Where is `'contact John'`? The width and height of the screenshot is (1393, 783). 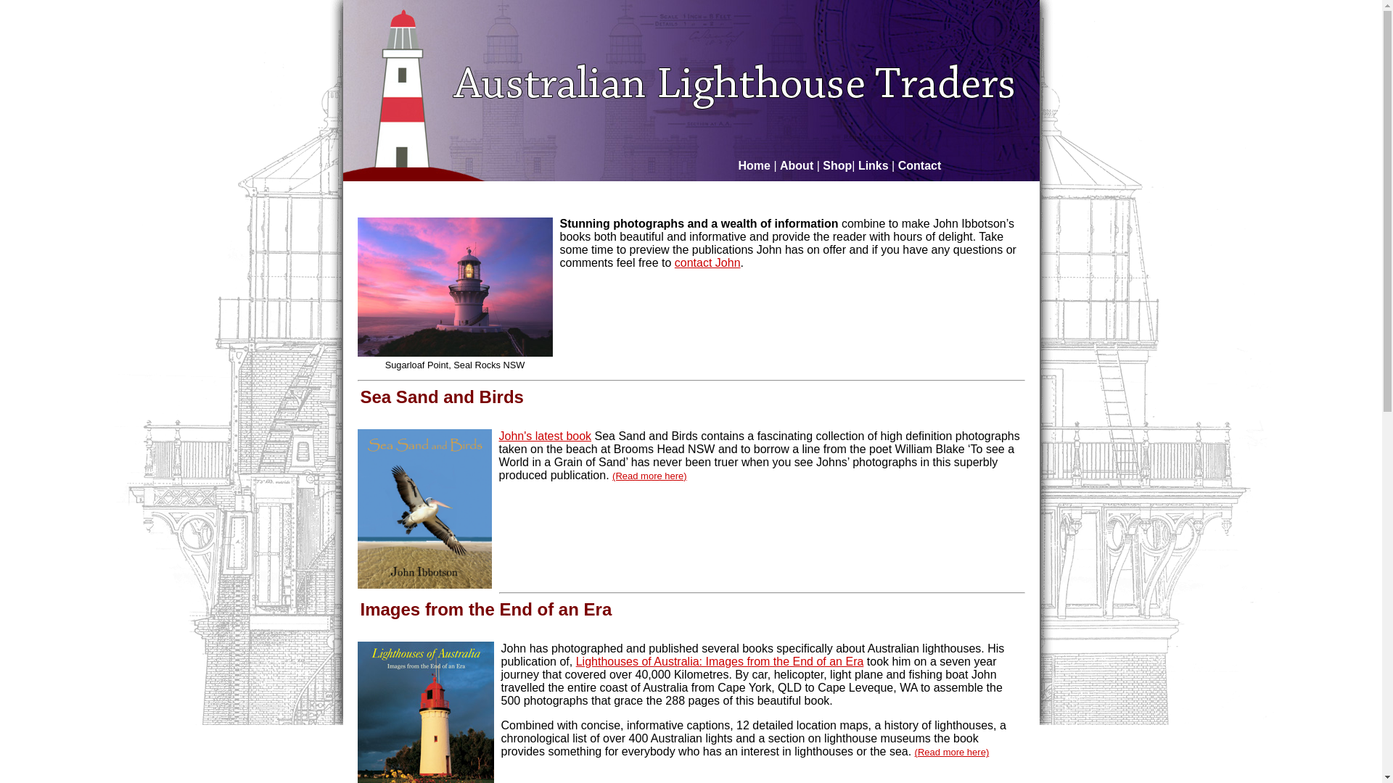
'contact John' is located at coordinates (707, 262).